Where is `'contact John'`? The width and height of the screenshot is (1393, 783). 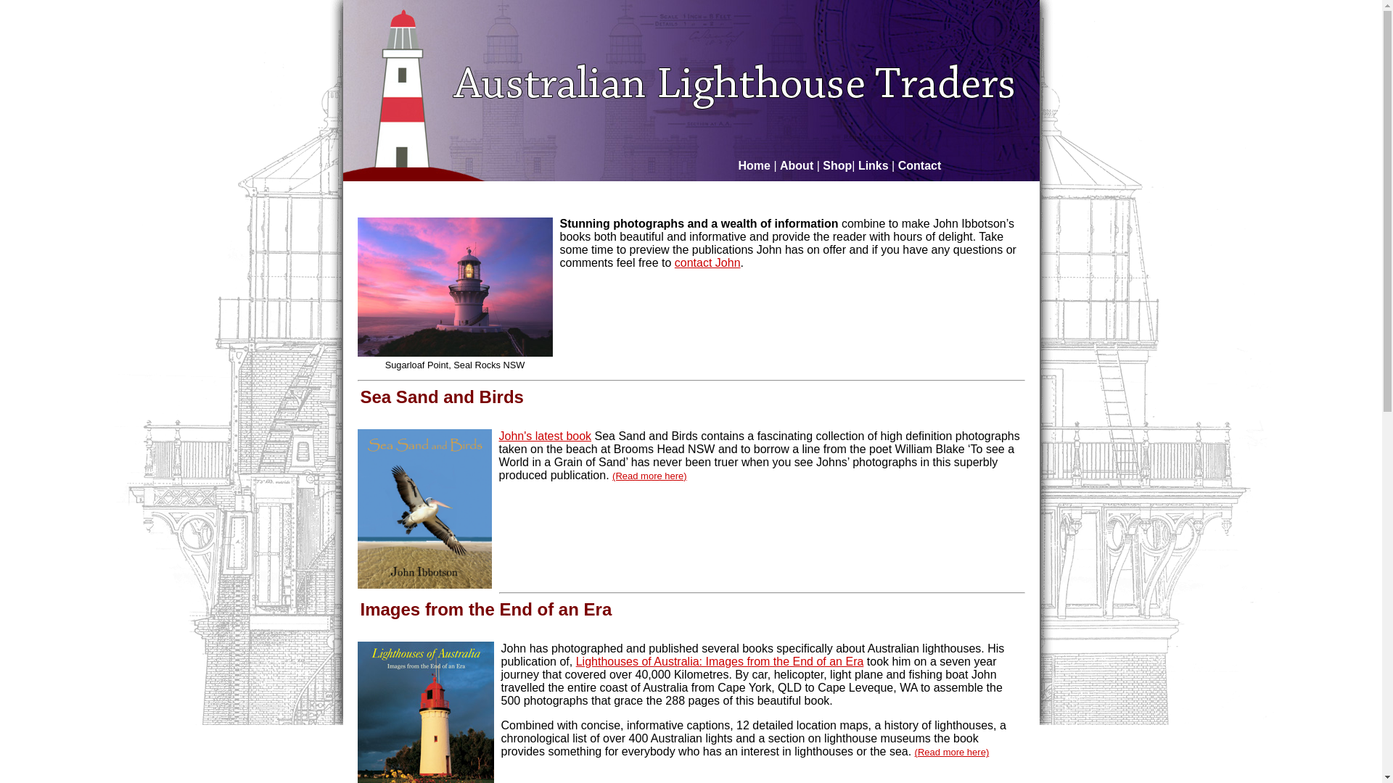
'contact John' is located at coordinates (707, 262).